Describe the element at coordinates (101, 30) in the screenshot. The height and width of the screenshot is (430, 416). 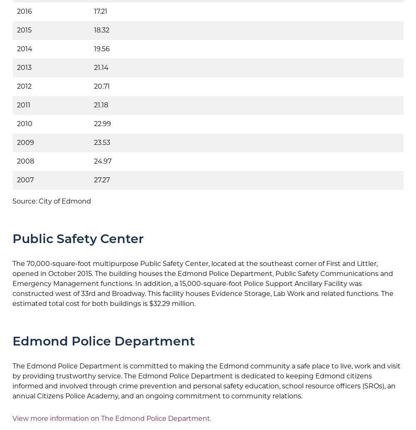
I see `'18.32'` at that location.